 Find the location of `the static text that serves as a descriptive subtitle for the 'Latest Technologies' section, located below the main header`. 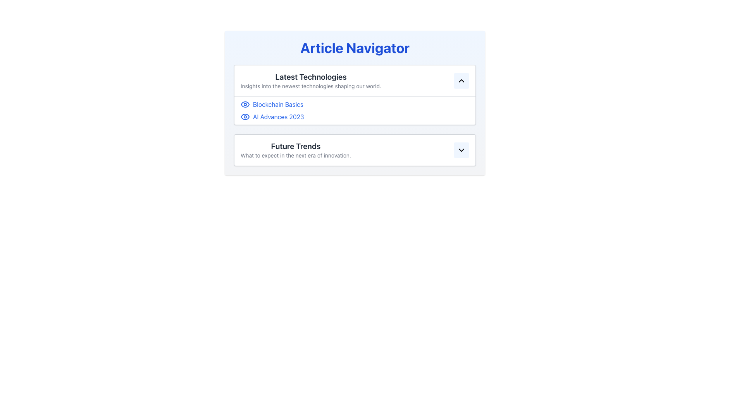

the static text that serves as a descriptive subtitle for the 'Latest Technologies' section, located below the main header is located at coordinates (311, 86).